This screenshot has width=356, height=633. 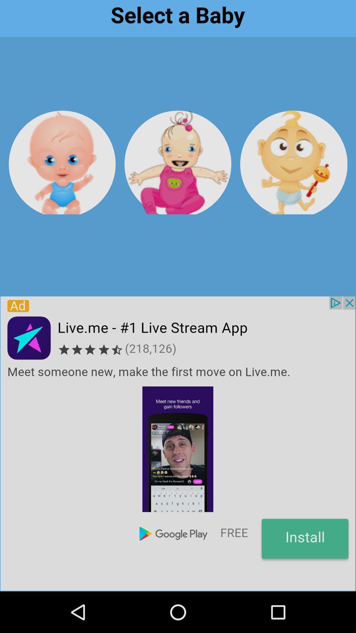 I want to click on preview, so click(x=177, y=162).